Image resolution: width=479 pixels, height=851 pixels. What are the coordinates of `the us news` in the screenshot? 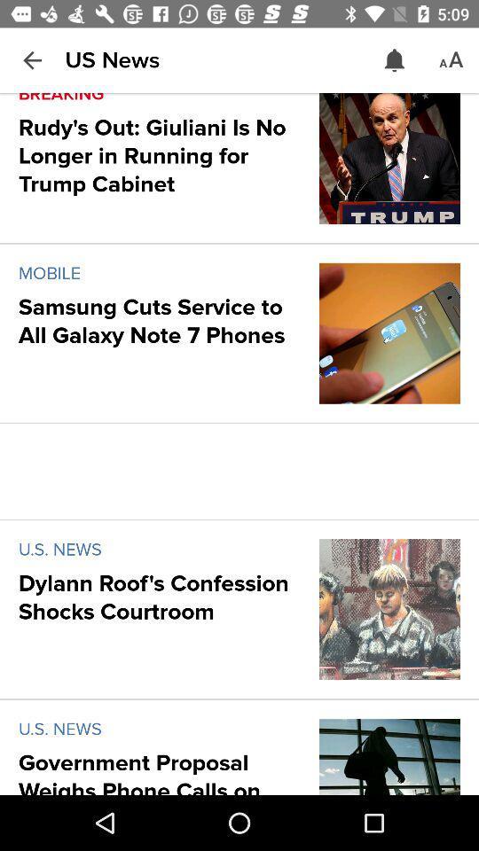 It's located at (112, 60).